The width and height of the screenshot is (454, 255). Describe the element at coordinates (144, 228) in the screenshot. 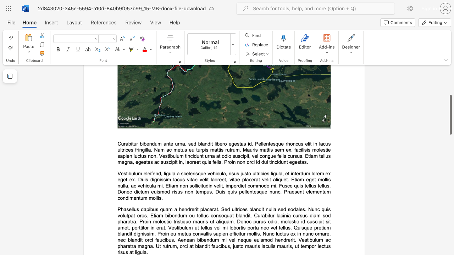

I see `the subset text "or in erat. Vestibulum ut tellus vel mi lobortis porta nec vel tellus. Quisque pretium blandit dignissim. Proin eu metus convallis sapien efficitur mollis. Nunc luctus ex in nunc ornare, nec blandit orci faucibus. Aenean bibendum mi vel neque euismod hendrerit. Vestibulum ac pharetra magna. Ut rutrum, orci at blandit faucibus, justo mauris iaculis mauris, ut tempor lectus risus at ligu" within the text "Phasellus dapibus quam a hendrerit placerat. Sed ultrices blandit nulla sed sodales. Nunc quis volutpat eros. Etiam bibendum eu tellus consequat blandit. Curabitur lacinia cursus diam sed pharetra. Proin molestie tristique mauris ut aliquam. Donec purus odio, molestie id suscipit sit amet, porttitor in erat. Vestibulum ut tellus vel mi lobortis porta nec vel tellus. Quisque pretium blandit dignissim. Proin eu metus convallis sapien efficitur mollis. Nunc luctus ex in nunc ornare, nec blandit orci faucibus. Aenean bibendum mi vel neque euismod hendrerit. Vestibulum ac pharetra magna. Ut rutrum, orci at blandit faucibus, justo mauris iaculis mauris, ut tempor lectus risus at ligula."` at that location.